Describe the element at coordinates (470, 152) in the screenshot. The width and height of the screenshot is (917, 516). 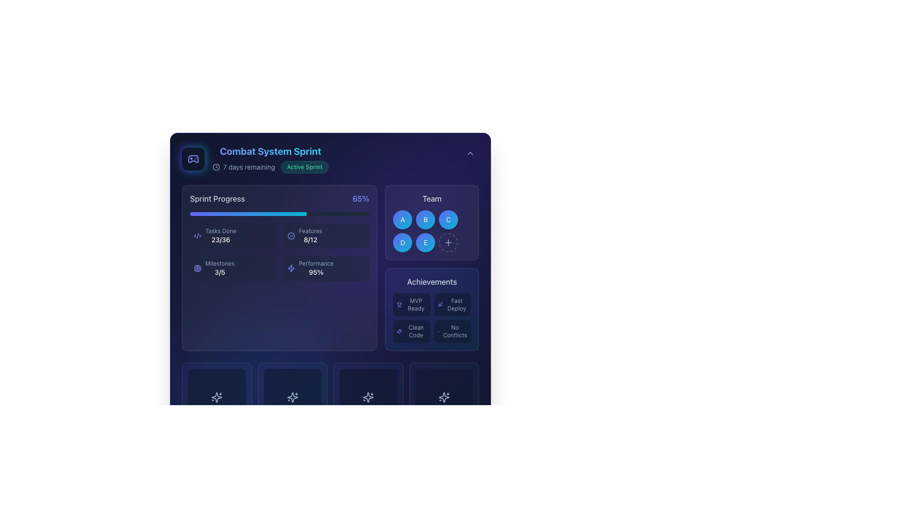
I see `the Toggle button/icon located in the upper-right corner of the layout to change its appearance` at that location.